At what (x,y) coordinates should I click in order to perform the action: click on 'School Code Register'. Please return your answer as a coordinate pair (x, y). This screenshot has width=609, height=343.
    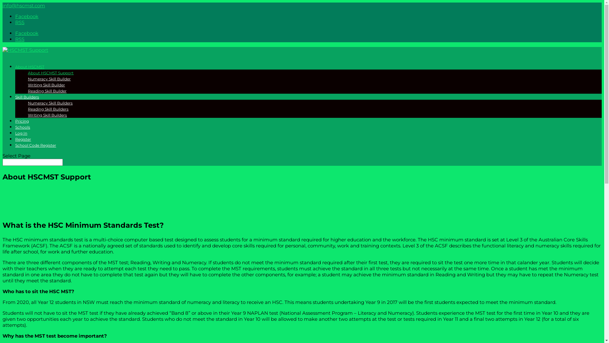
    Looking at the image, I should click on (35, 148).